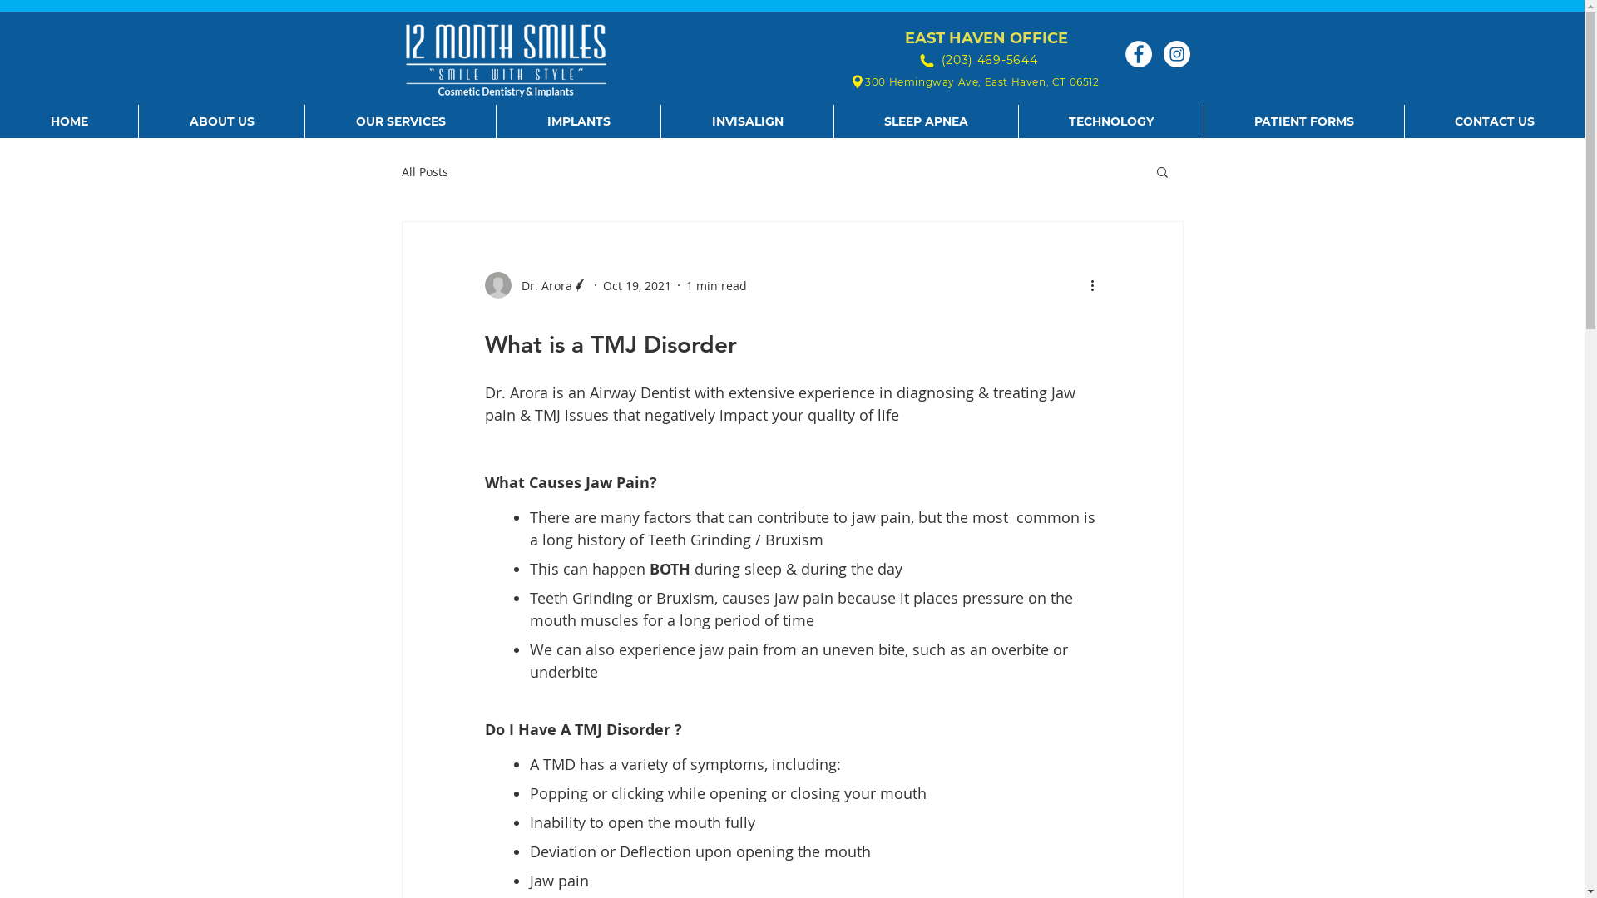 This screenshot has height=898, width=1597. I want to click on 'Dr. Arora', so click(482, 284).